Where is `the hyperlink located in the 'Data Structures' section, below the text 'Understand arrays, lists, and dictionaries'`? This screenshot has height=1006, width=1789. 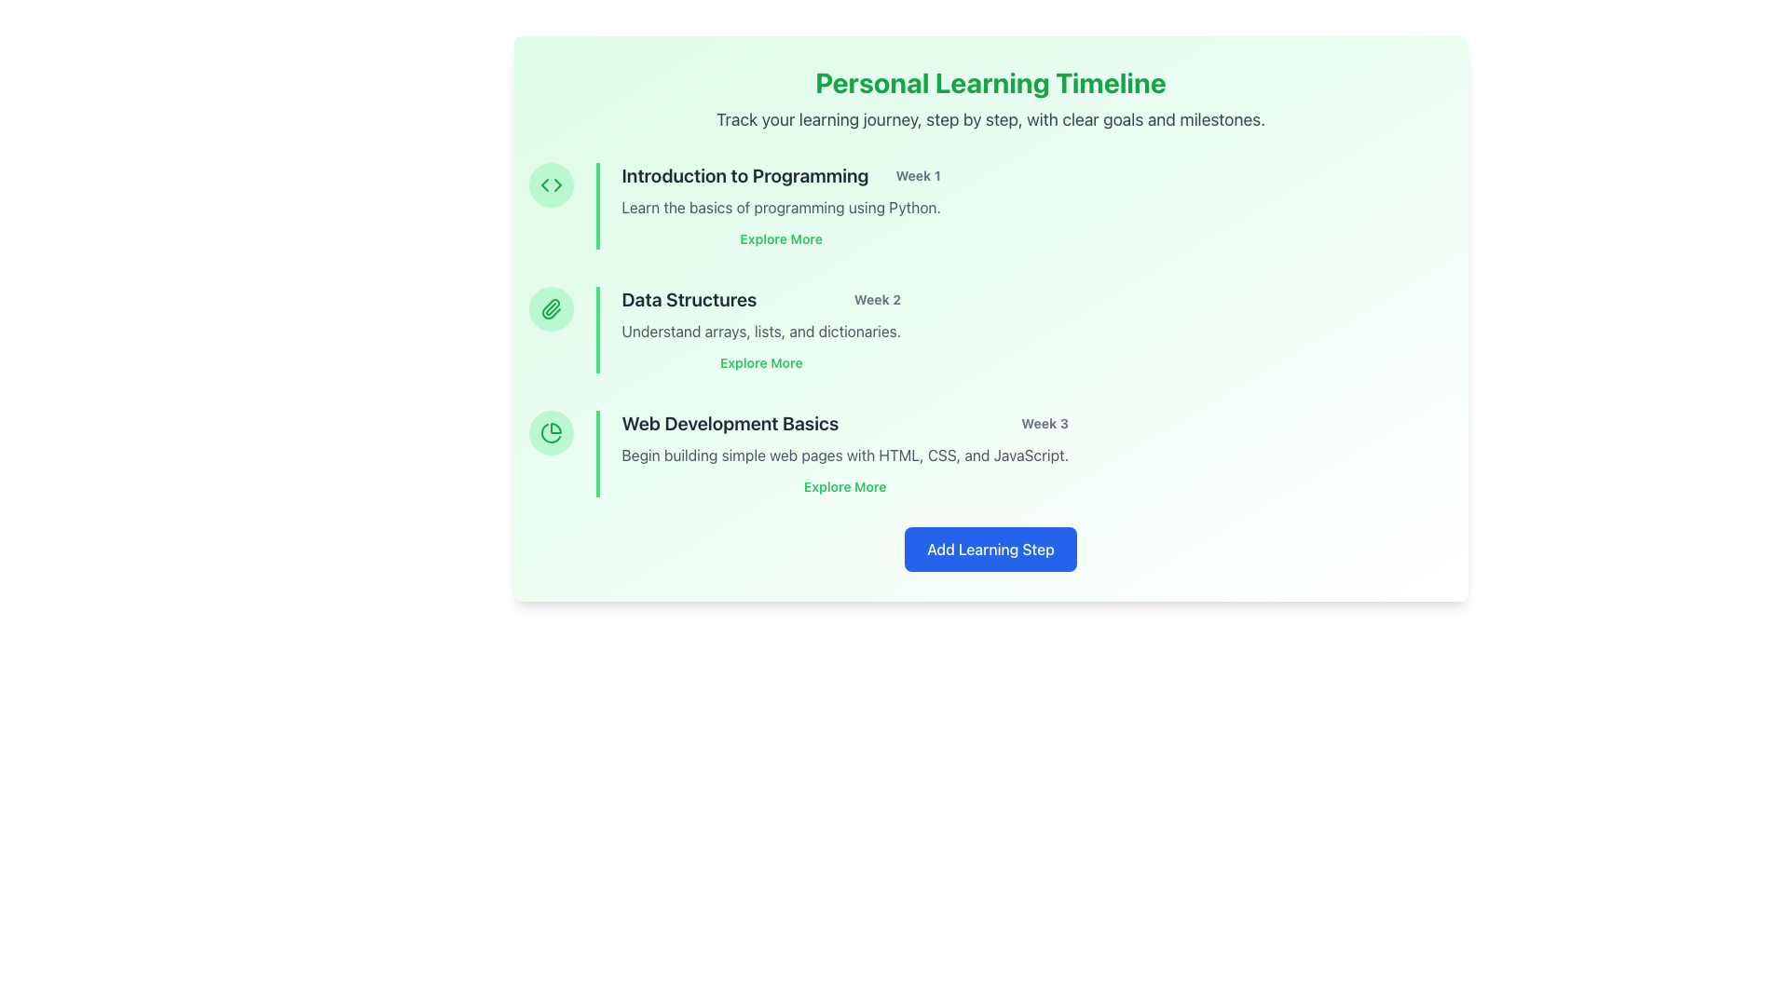 the hyperlink located in the 'Data Structures' section, below the text 'Understand arrays, lists, and dictionaries' is located at coordinates (761, 362).